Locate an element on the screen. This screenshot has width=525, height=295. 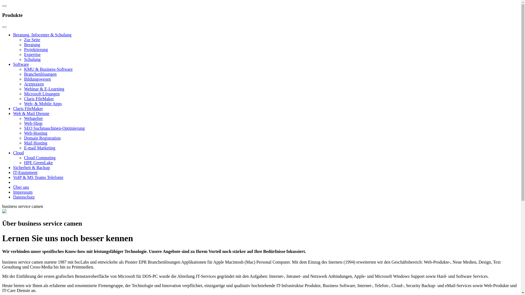
'Software' is located at coordinates (21, 64).